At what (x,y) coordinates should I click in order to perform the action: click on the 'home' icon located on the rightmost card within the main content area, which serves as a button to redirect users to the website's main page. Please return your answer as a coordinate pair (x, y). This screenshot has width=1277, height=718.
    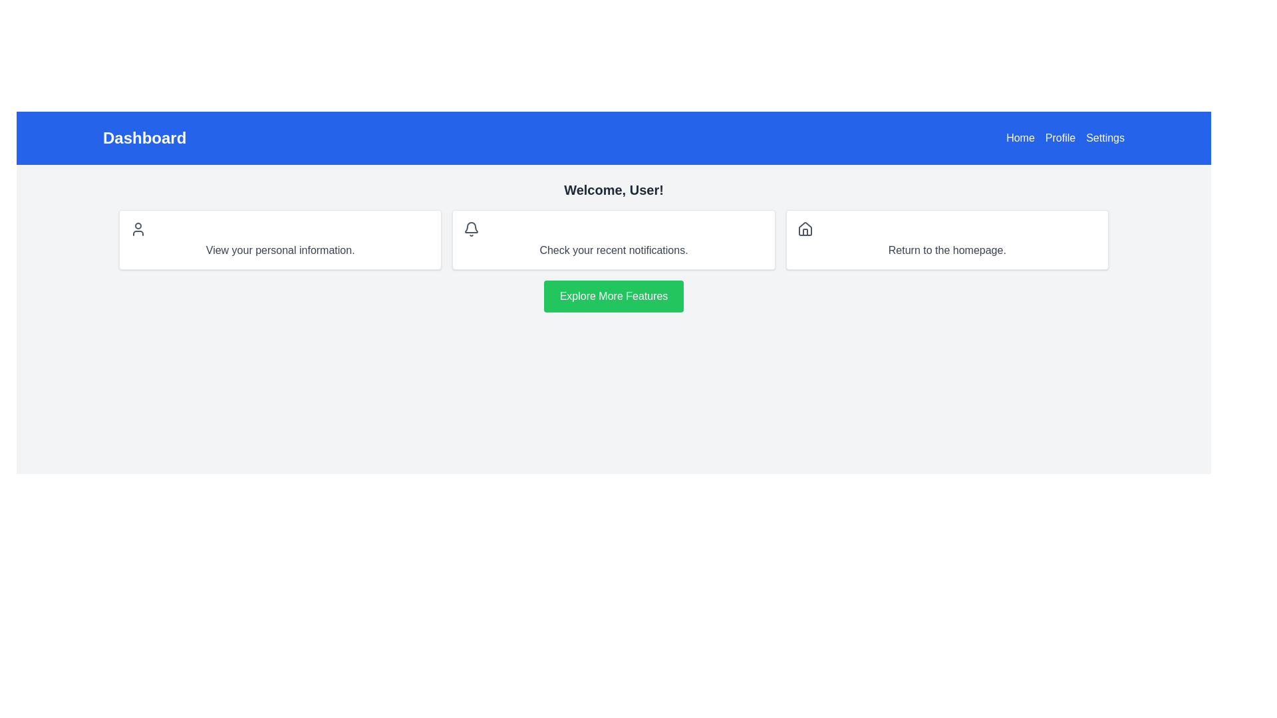
    Looking at the image, I should click on (804, 228).